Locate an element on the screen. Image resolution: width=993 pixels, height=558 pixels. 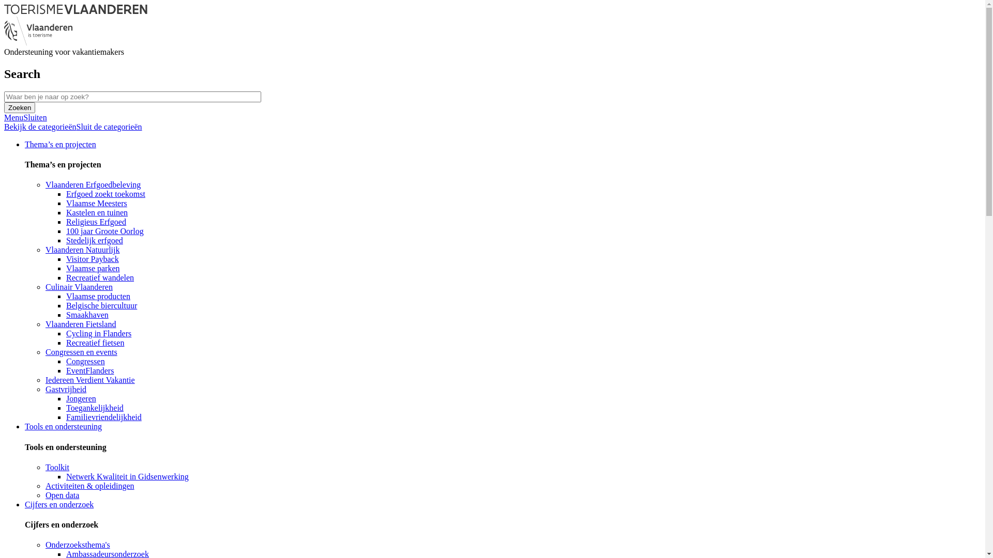
'Home' is located at coordinates (75, 11).